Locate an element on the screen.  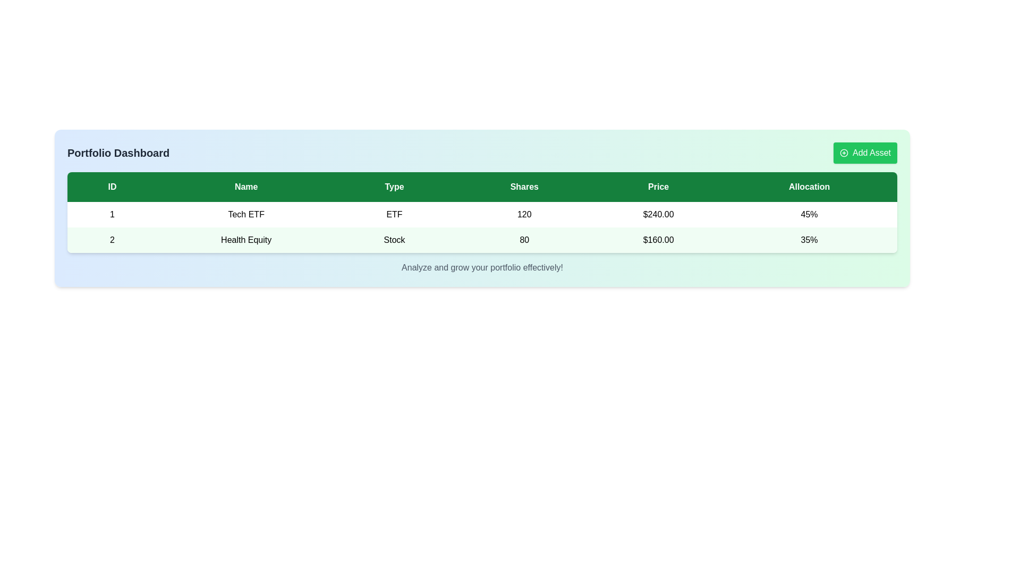
identifier from the table cell located in the first column of the second row of the dashboard table, directly below the ID column containing '1' is located at coordinates (112, 240).